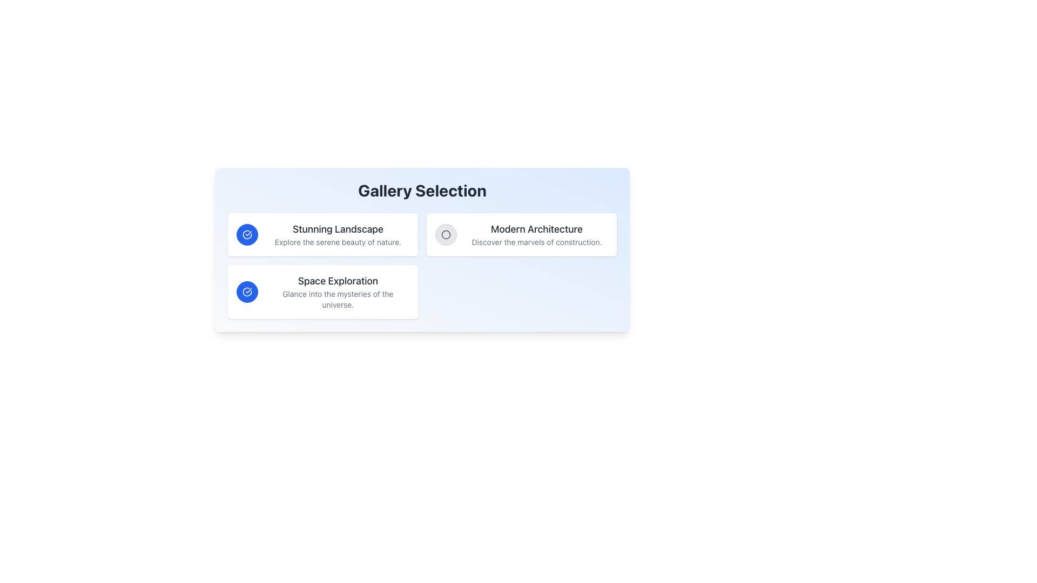  I want to click on the circular button with a gray background and outline, located in the top-left corner of the 'Modern Architecture' card, so click(446, 234).